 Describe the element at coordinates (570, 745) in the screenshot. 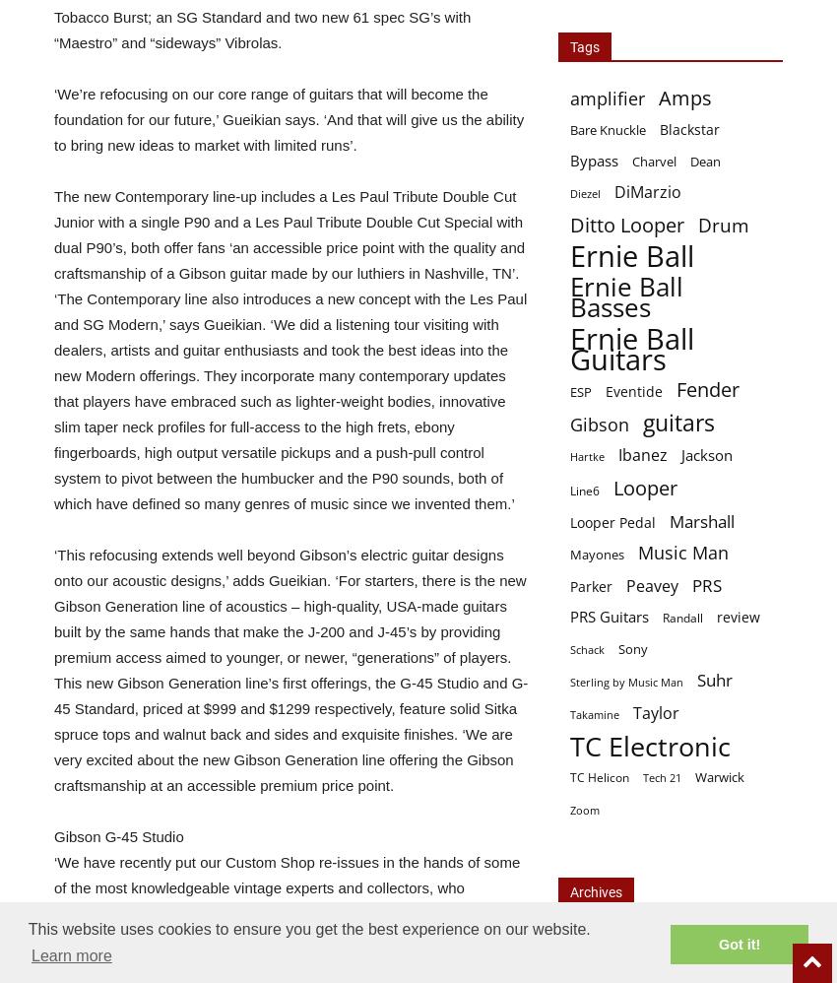

I see `'TC Electronic'` at that location.